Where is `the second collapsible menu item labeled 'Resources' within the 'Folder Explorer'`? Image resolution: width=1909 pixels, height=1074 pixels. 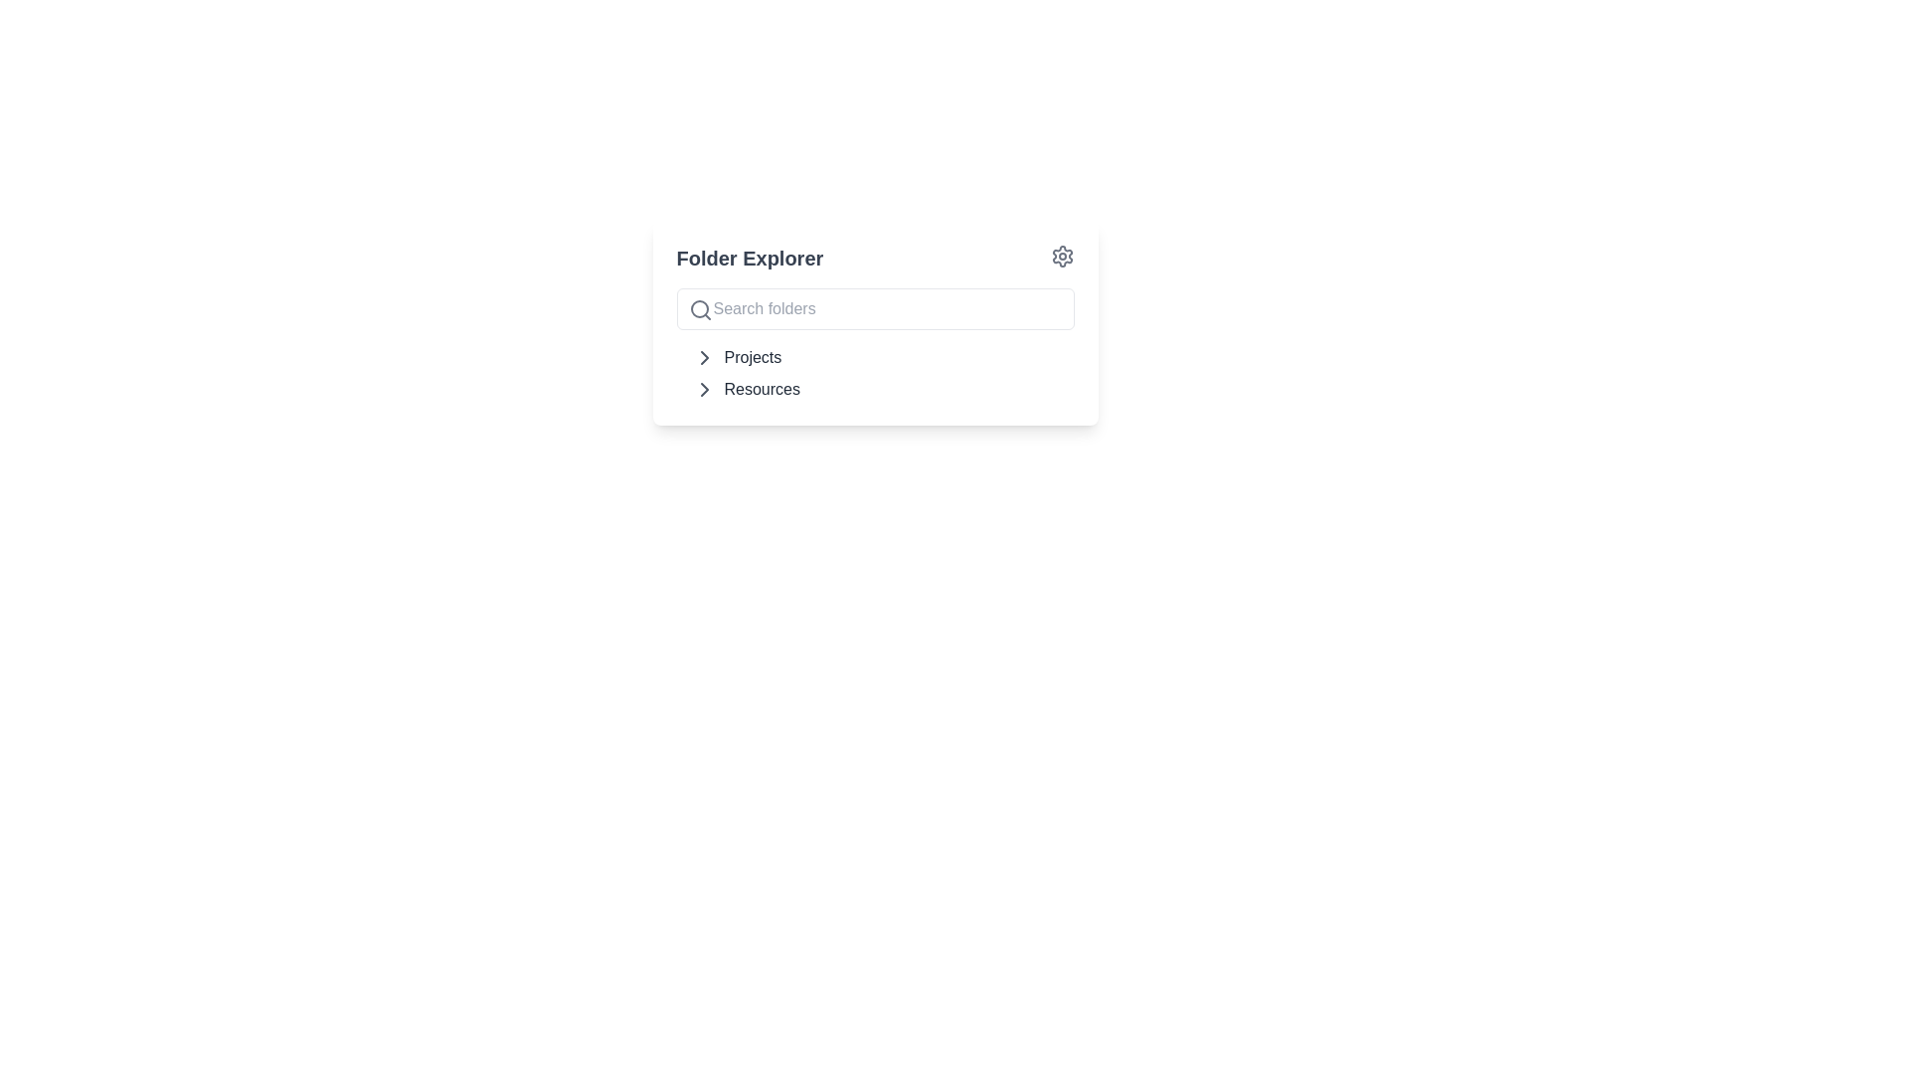
the second collapsible menu item labeled 'Resources' within the 'Folder Explorer' is located at coordinates (882, 390).